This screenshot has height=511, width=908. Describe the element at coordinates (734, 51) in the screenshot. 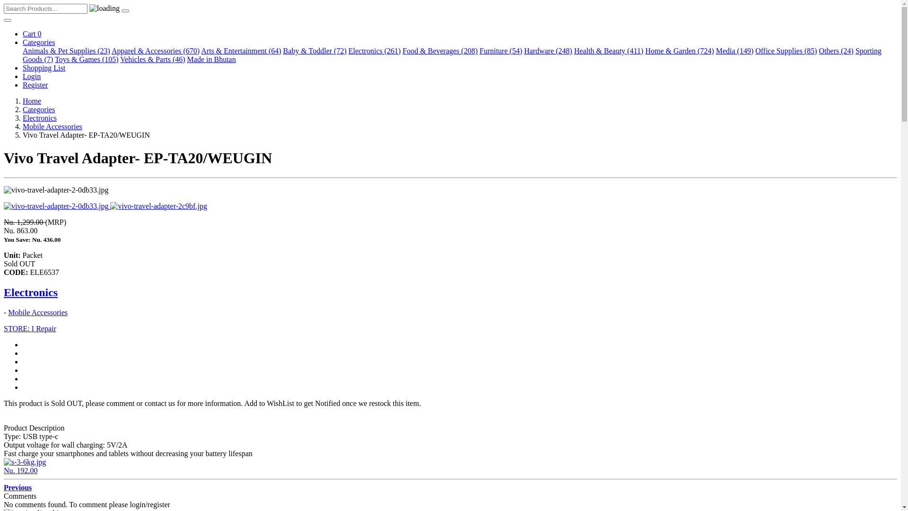

I see `'Media (149)'` at that location.